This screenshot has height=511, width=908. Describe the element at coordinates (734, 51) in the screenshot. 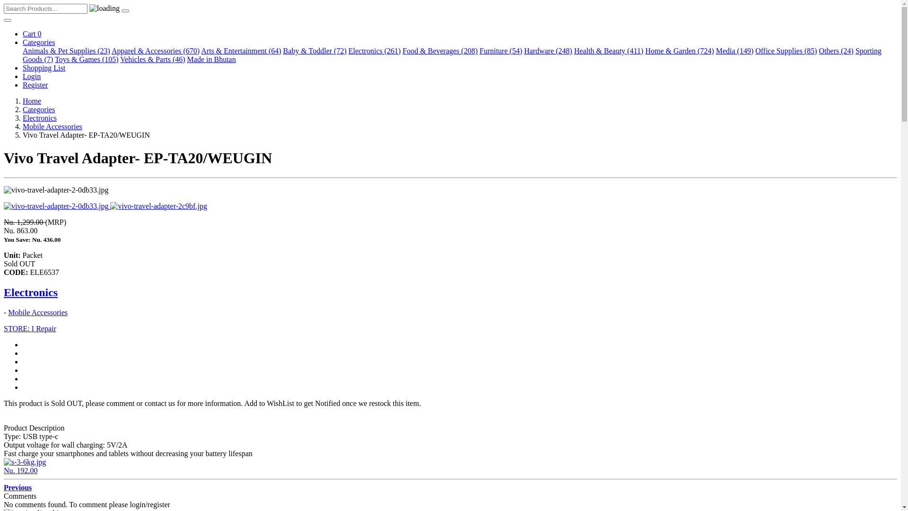

I see `'Media (149)'` at that location.